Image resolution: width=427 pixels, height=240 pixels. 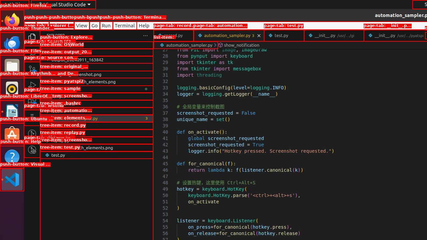 What do you see at coordinates (96, 147) in the screenshot?
I see `'screenshot_with_elements.png'` at bounding box center [96, 147].